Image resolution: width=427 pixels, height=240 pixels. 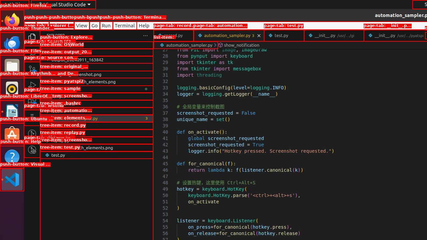 What do you see at coordinates (96, 147) in the screenshot?
I see `'screenshot_with_elements.png'` at bounding box center [96, 147].